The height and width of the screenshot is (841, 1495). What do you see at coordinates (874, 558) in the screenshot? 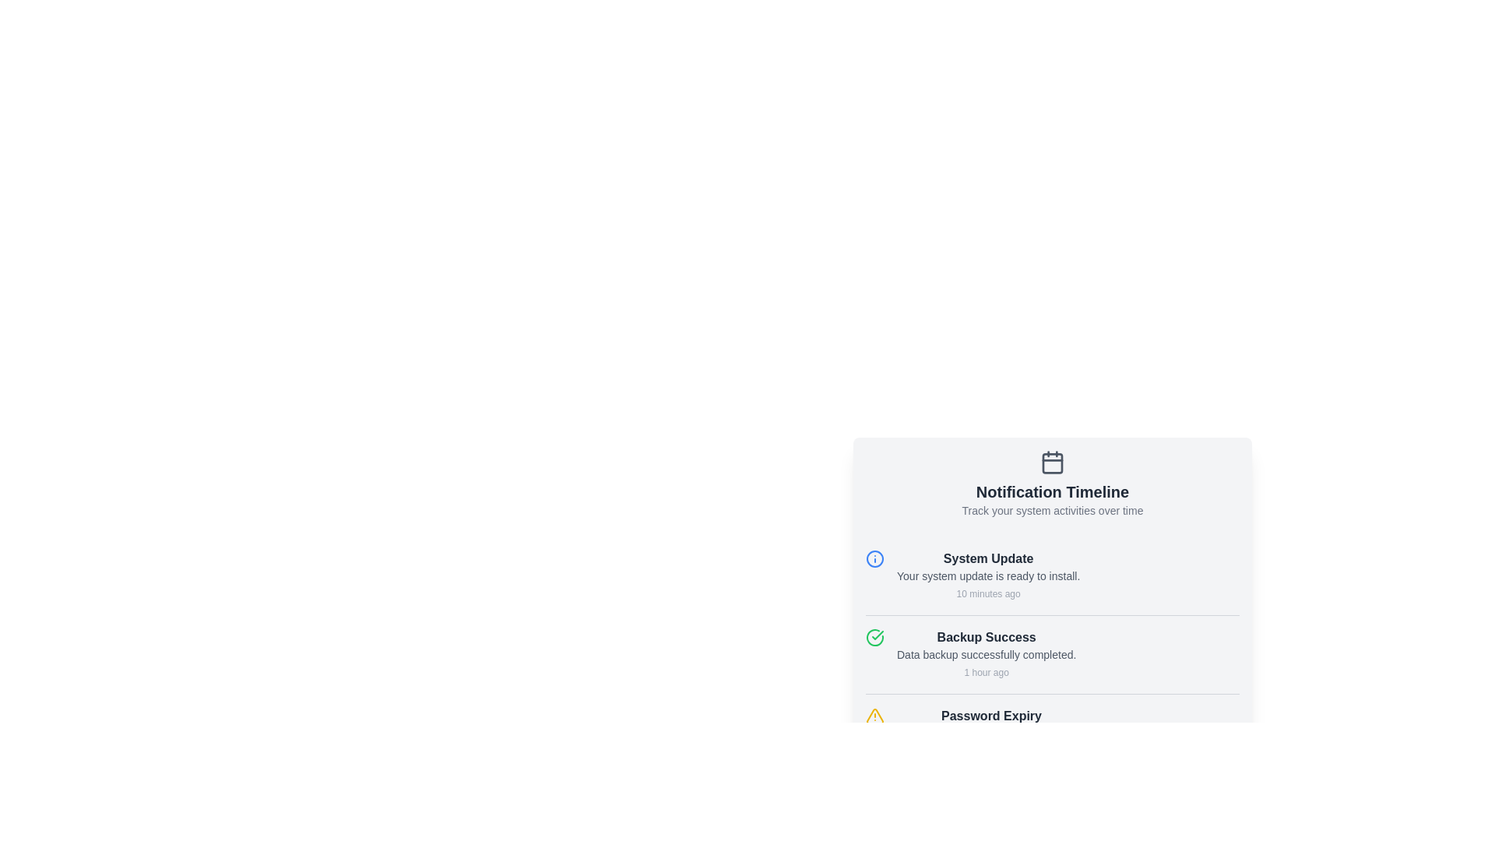
I see `the central circular part of the information icon located to the left of the text 'System Update' in the 'Notification Timeline' area` at bounding box center [874, 558].